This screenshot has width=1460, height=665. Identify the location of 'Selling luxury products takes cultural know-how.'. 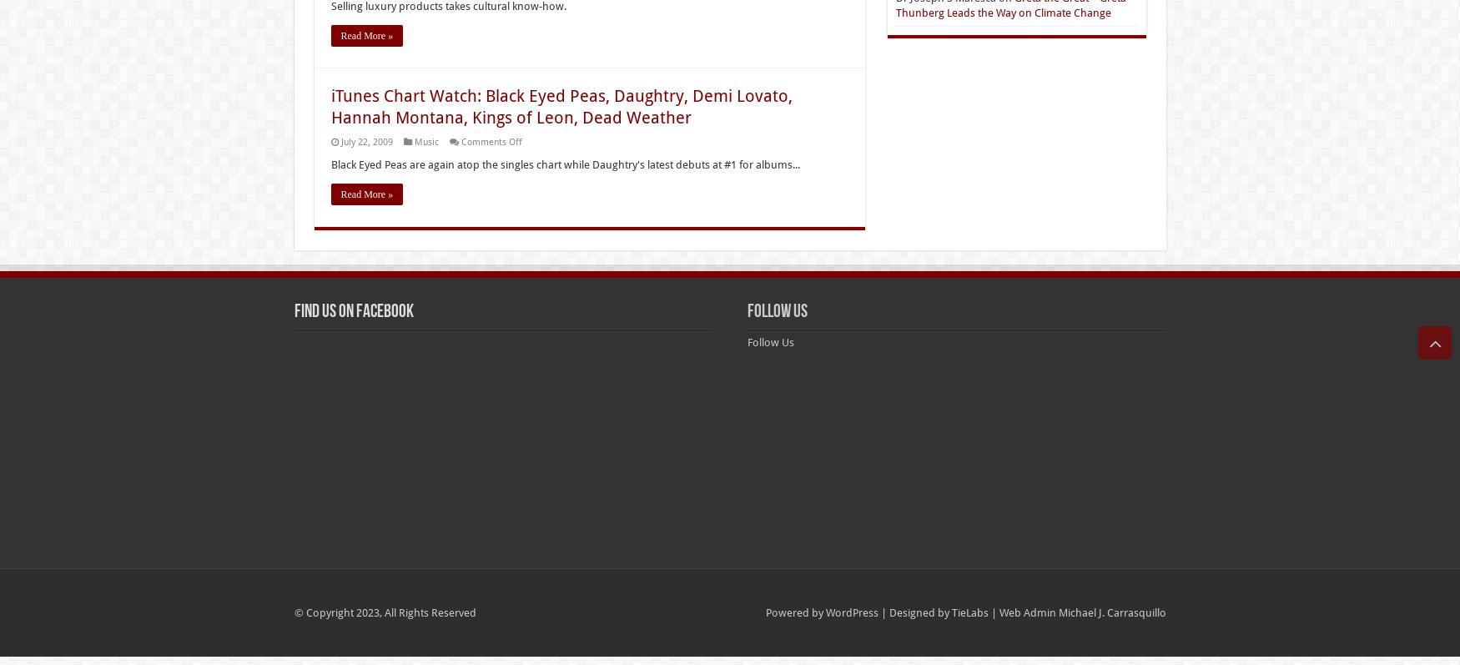
(447, 5).